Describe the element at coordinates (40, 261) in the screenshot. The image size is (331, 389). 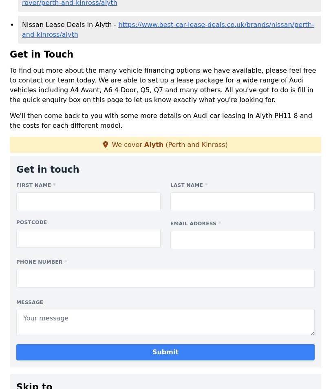
I see `'Phone number'` at that location.